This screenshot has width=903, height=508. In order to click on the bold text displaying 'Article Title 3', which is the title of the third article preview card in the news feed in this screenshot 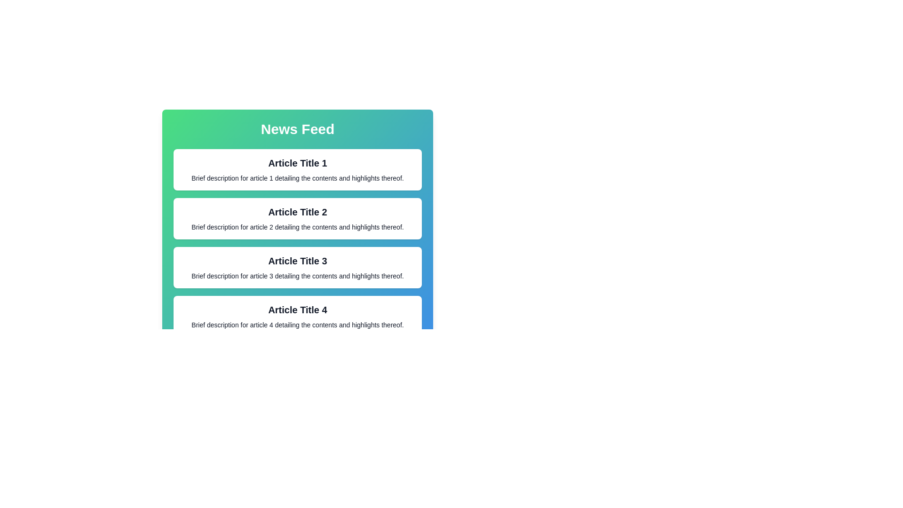, I will do `click(297, 261)`.